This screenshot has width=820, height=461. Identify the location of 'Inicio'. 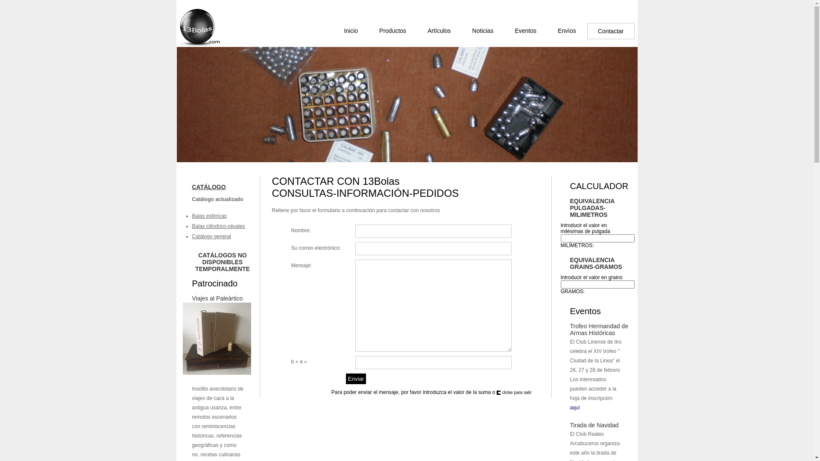
(351, 30).